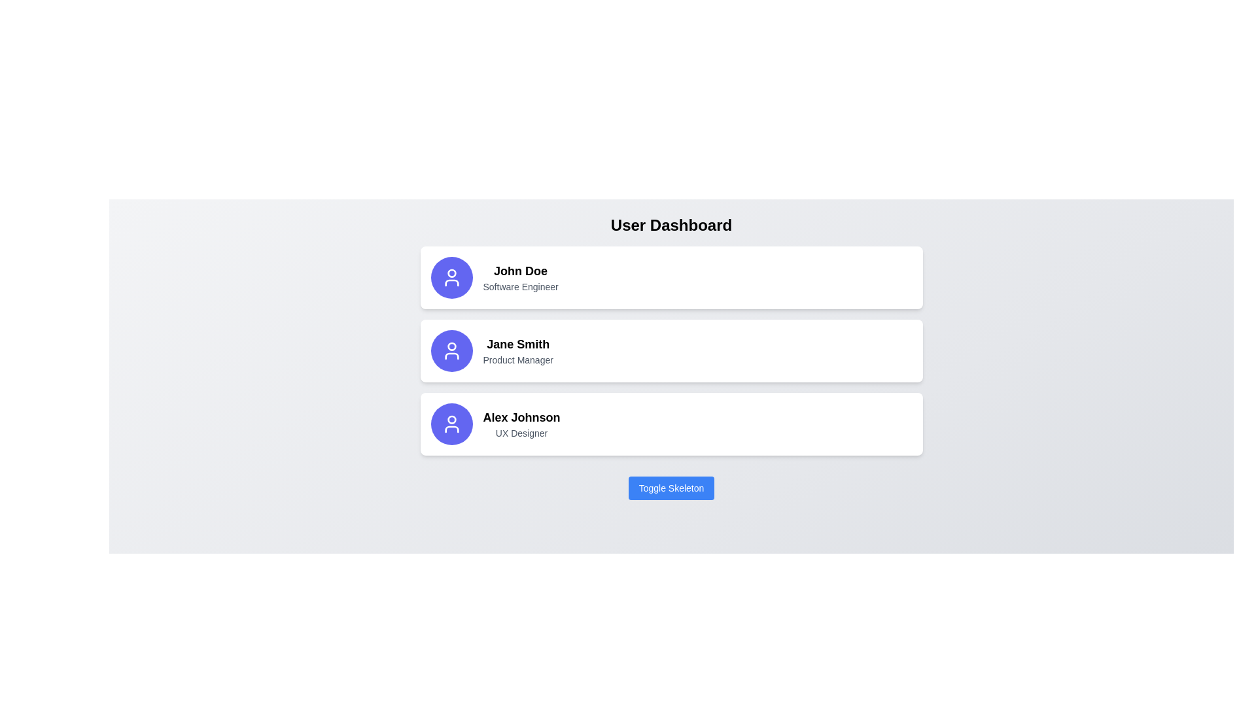  I want to click on the Profile card displaying user information, which is the second card in a vertical list of three, so click(671, 350).